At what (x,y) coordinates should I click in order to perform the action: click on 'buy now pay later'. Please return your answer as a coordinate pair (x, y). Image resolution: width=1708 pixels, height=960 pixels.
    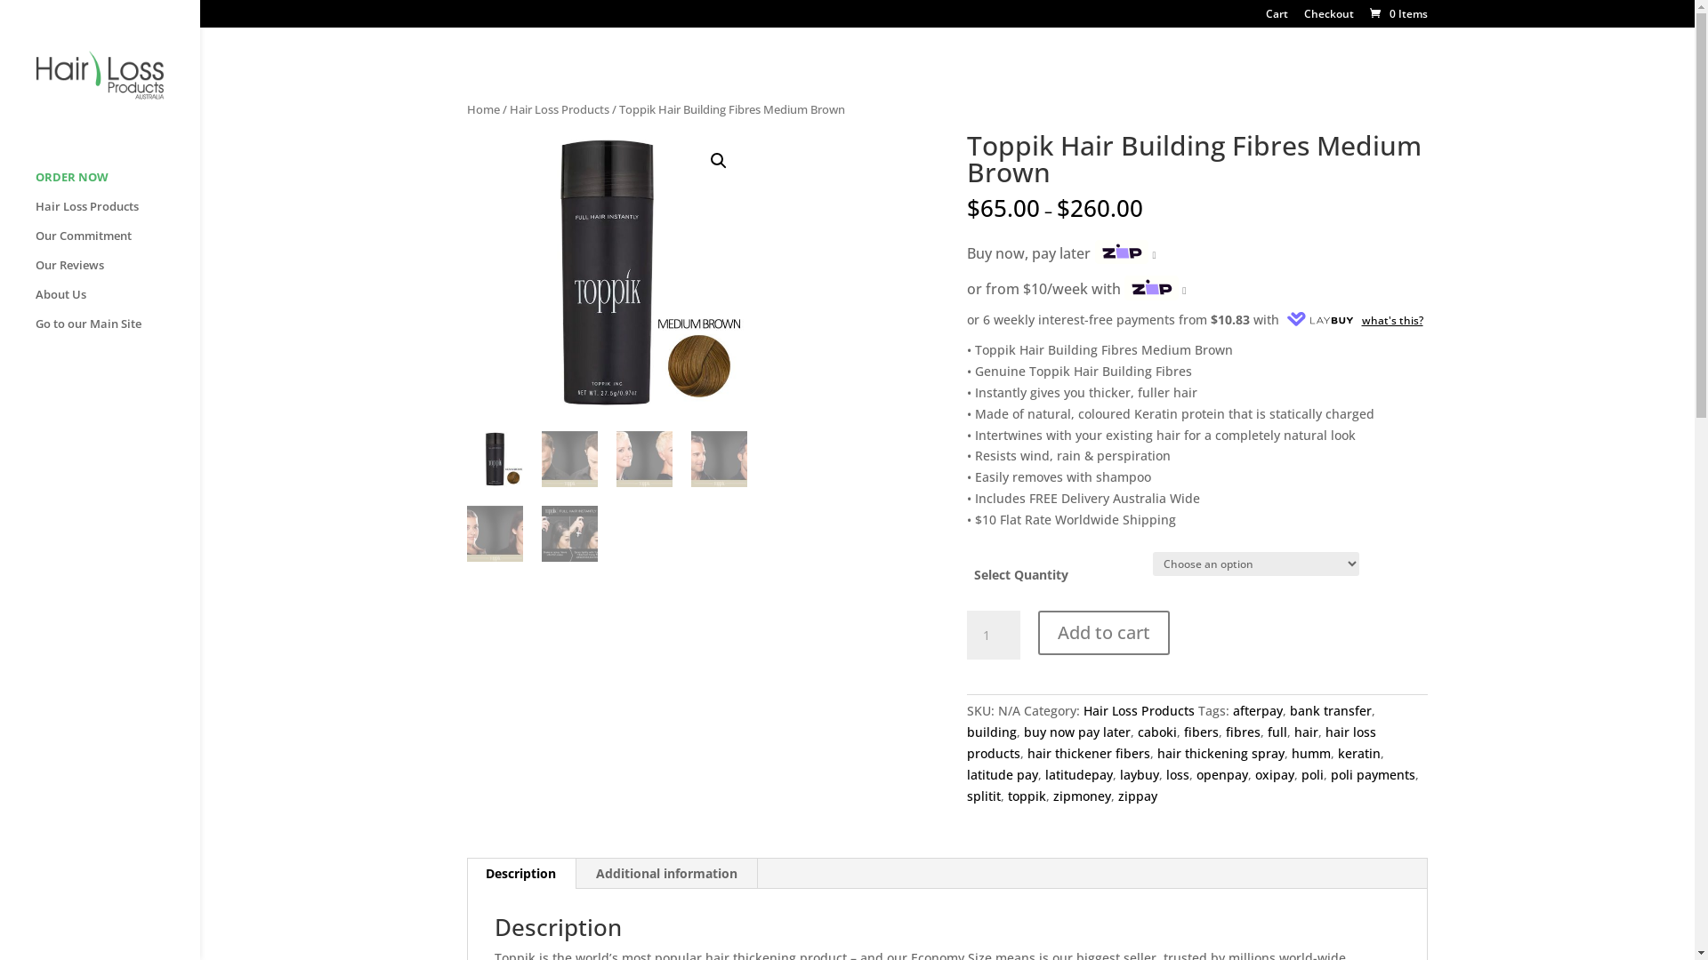
    Looking at the image, I should click on (1076, 732).